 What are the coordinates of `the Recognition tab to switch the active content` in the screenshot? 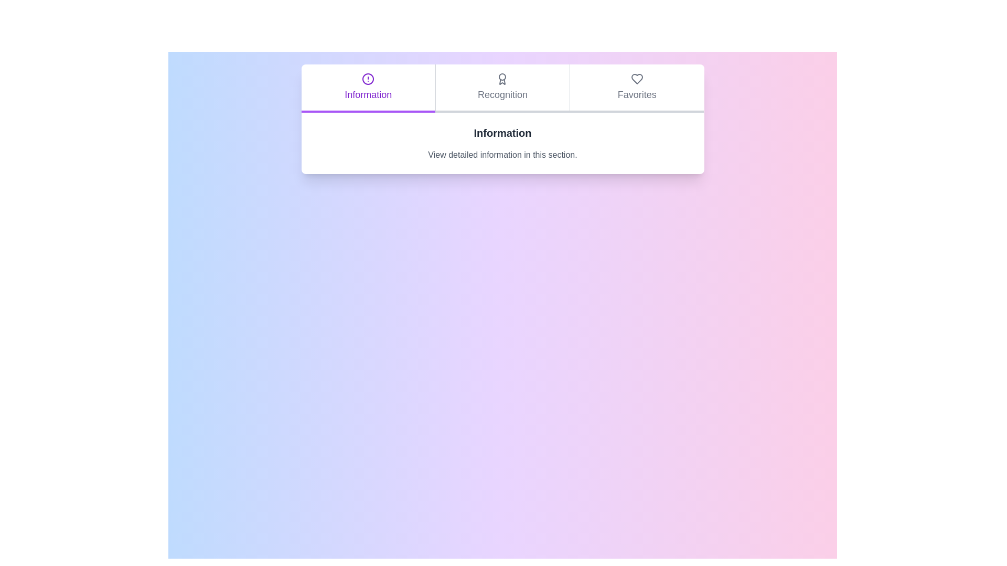 It's located at (502, 88).